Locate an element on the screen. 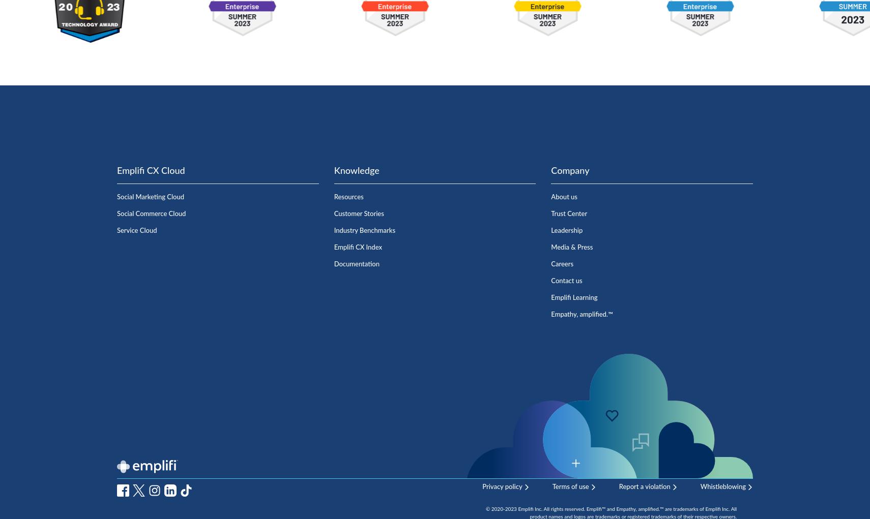 The image size is (870, 519). 'Social Commerce Cloud' is located at coordinates (151, 213).